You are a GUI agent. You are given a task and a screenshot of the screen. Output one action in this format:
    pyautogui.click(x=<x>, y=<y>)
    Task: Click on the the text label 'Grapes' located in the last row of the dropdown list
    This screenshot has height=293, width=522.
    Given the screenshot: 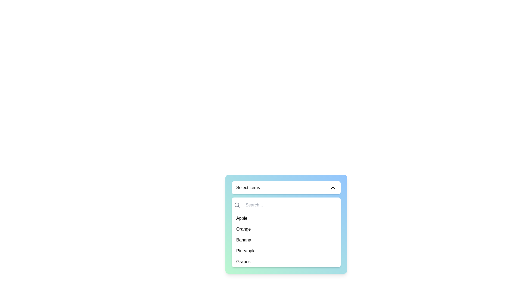 What is the action you would take?
    pyautogui.click(x=243, y=261)
    